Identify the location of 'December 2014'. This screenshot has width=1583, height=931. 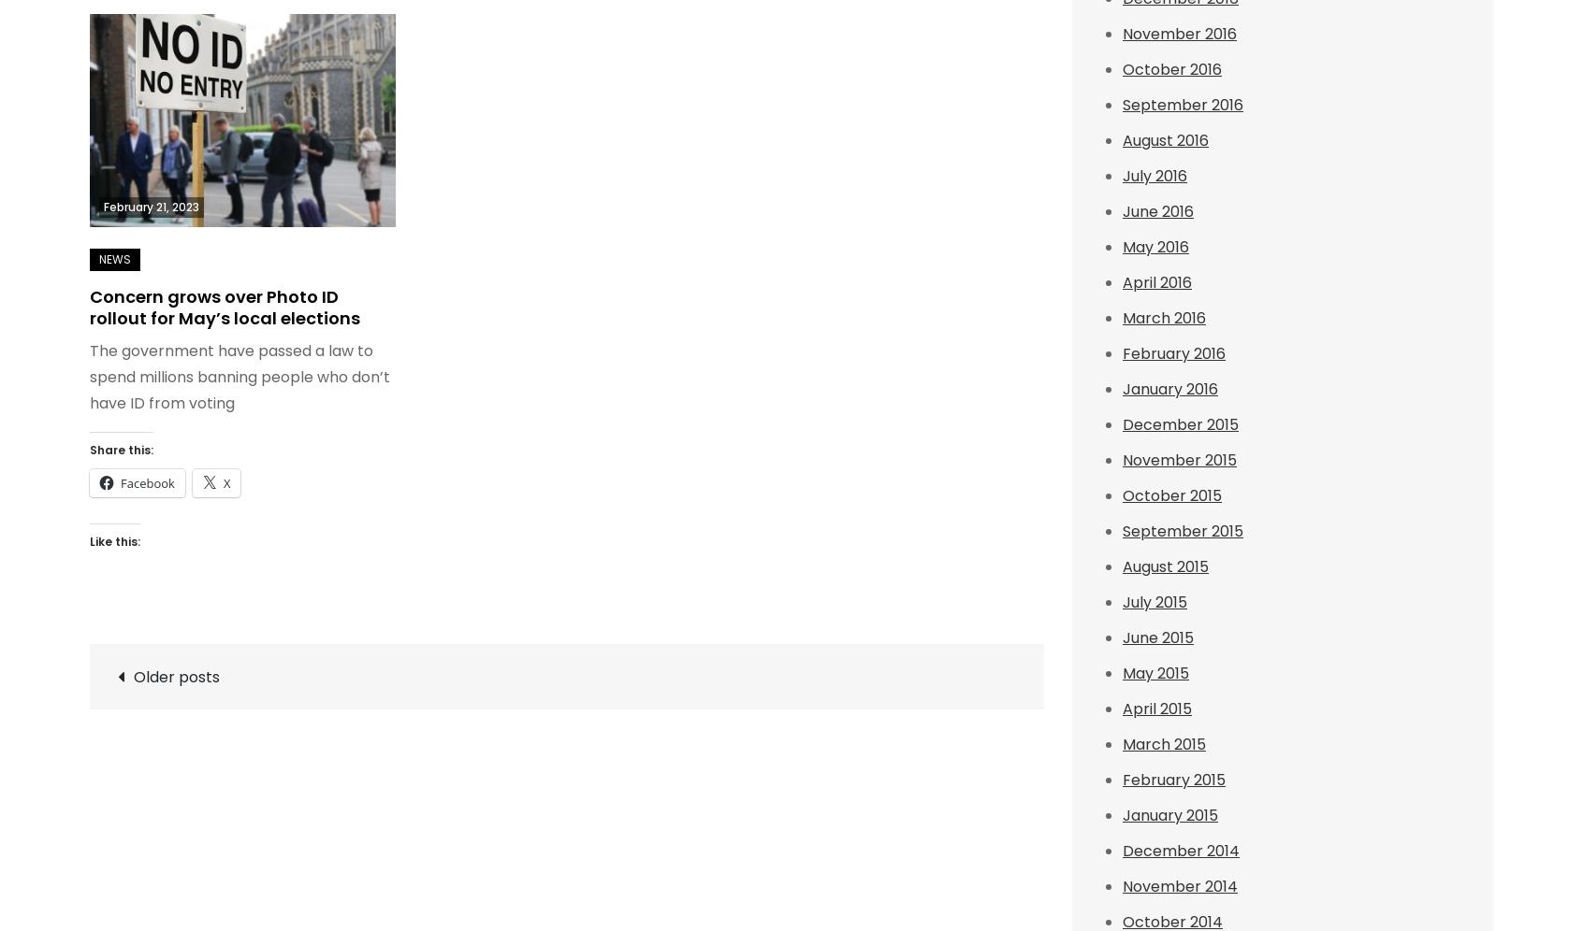
(1181, 850).